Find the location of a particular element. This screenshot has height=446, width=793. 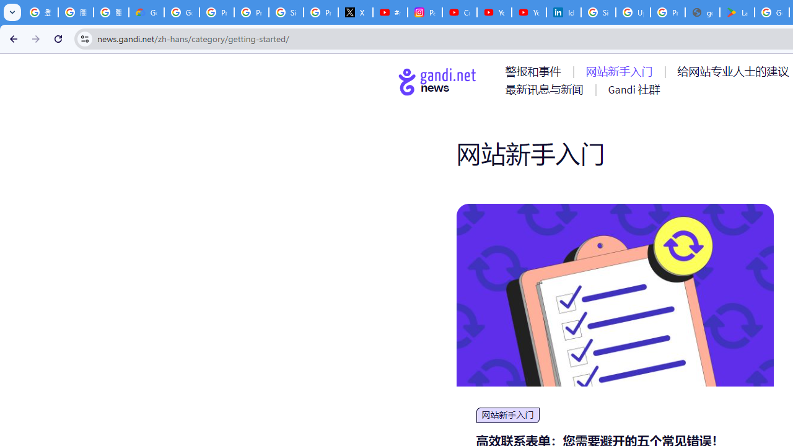

'Privacy Help Center - Policies Help' is located at coordinates (217, 12).